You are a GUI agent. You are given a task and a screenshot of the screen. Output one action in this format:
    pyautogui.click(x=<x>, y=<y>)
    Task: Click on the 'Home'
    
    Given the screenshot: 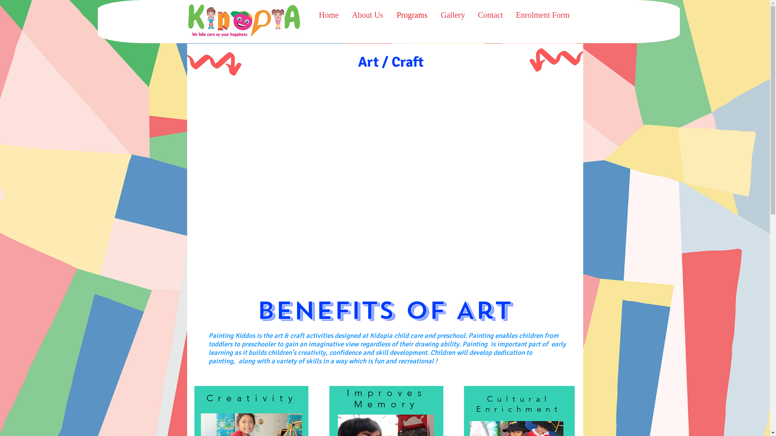 What is the action you would take?
    pyautogui.click(x=312, y=15)
    